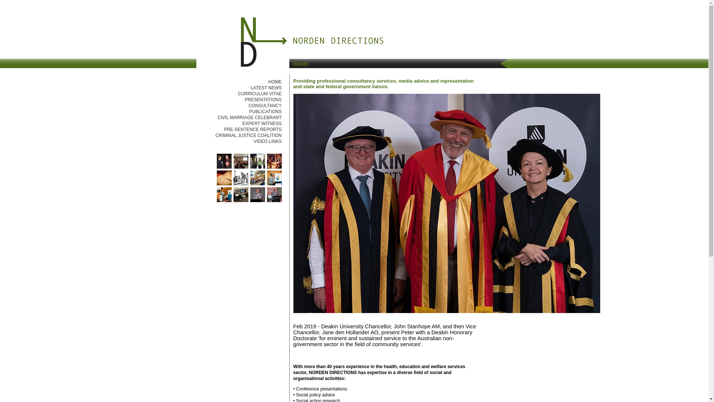  What do you see at coordinates (241, 184) in the screenshot?
I see `'Facing the Marriage'` at bounding box center [241, 184].